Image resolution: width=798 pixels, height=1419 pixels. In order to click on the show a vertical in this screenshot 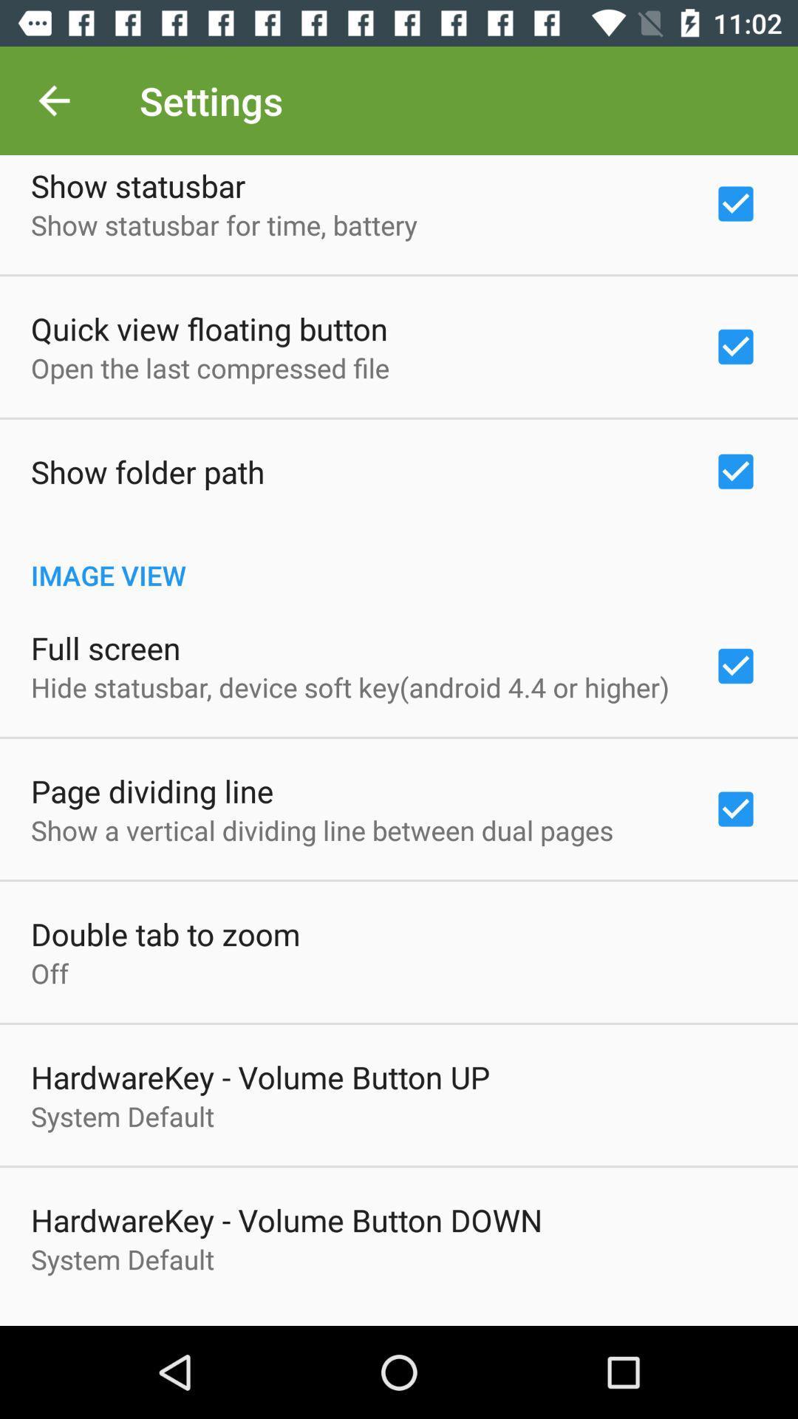, I will do `click(321, 830)`.